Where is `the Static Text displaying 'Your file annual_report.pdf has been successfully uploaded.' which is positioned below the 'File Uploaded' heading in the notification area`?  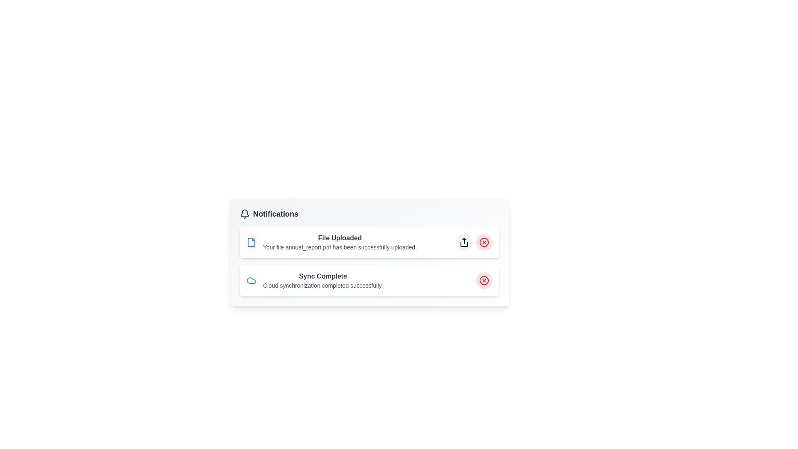
the Static Text displaying 'Your file annual_report.pdf has been successfully uploaded.' which is positioned below the 'File Uploaded' heading in the notification area is located at coordinates (340, 247).